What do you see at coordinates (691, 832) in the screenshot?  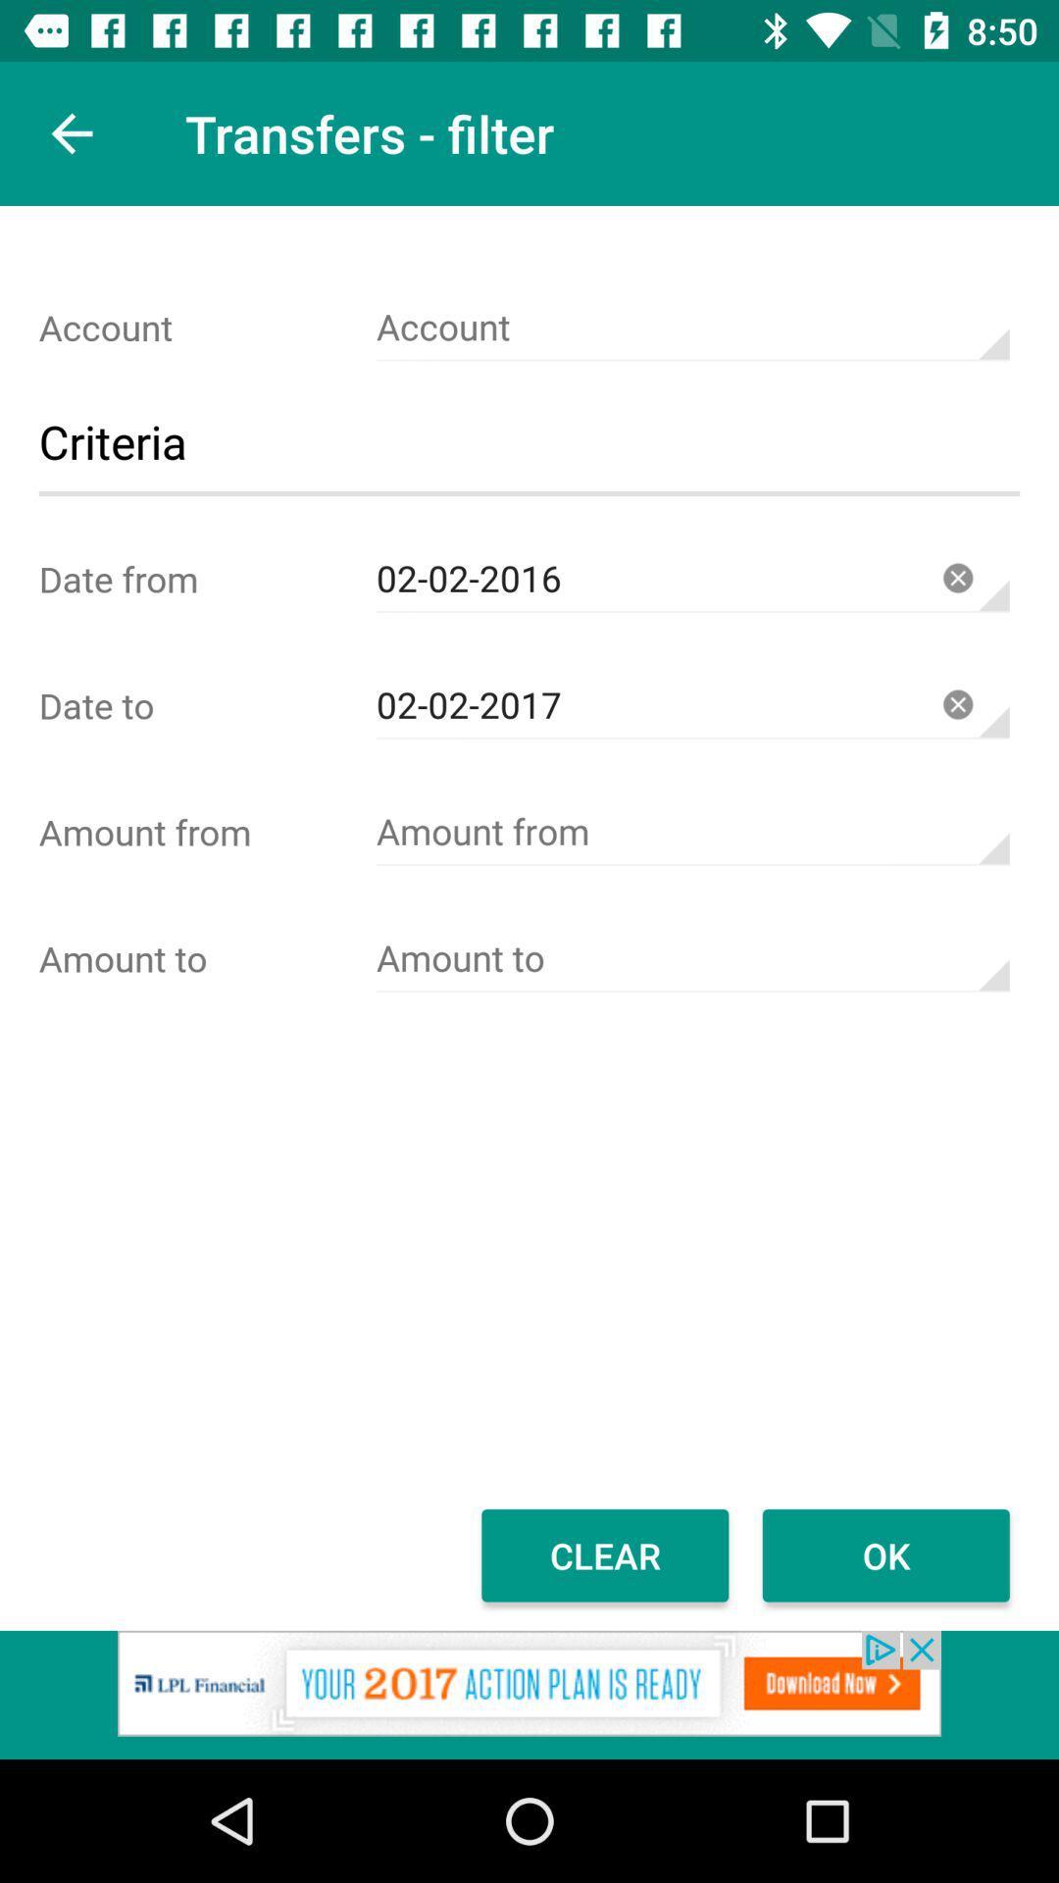 I see `account` at bounding box center [691, 832].